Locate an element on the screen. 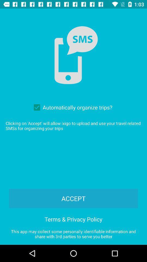 Image resolution: width=147 pixels, height=262 pixels. the terms & privacy policy item is located at coordinates (73, 218).